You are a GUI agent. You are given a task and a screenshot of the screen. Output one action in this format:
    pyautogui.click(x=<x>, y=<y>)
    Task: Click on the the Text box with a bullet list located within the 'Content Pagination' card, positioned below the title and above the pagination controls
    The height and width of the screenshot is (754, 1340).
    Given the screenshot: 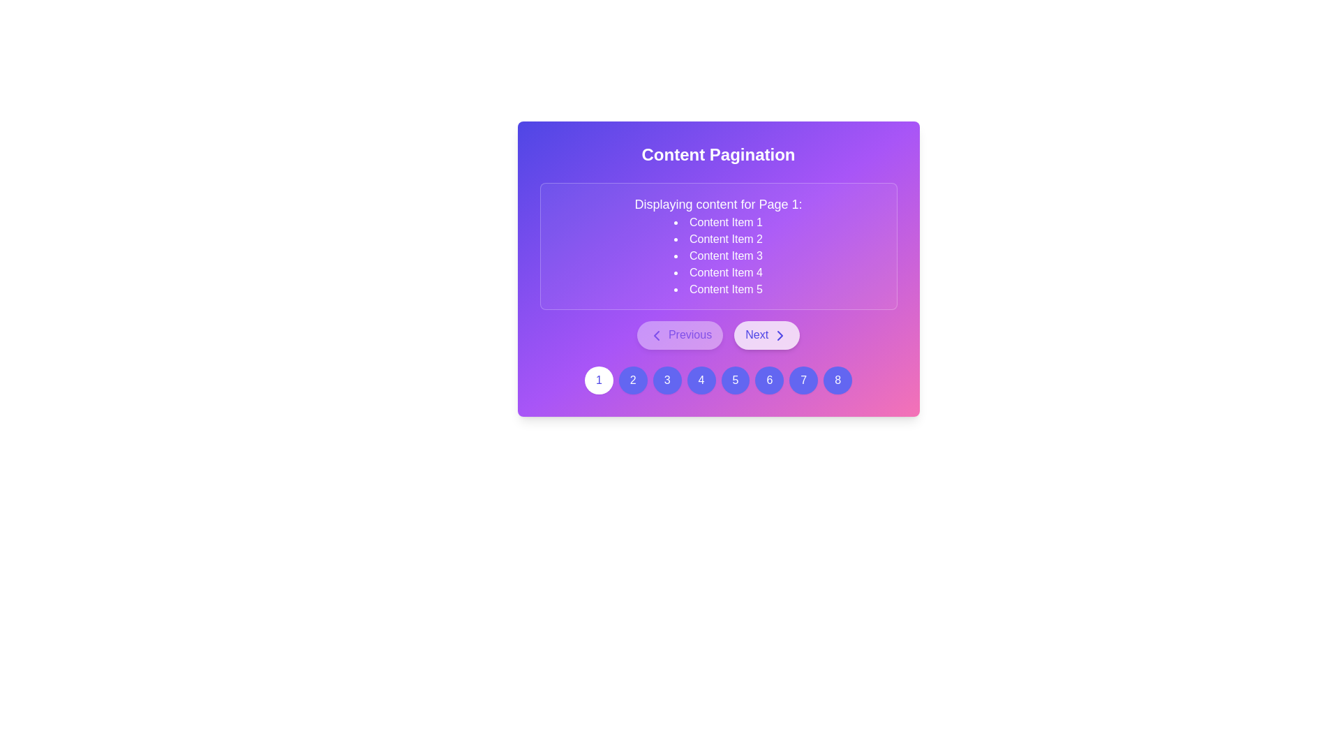 What is the action you would take?
    pyautogui.click(x=718, y=246)
    